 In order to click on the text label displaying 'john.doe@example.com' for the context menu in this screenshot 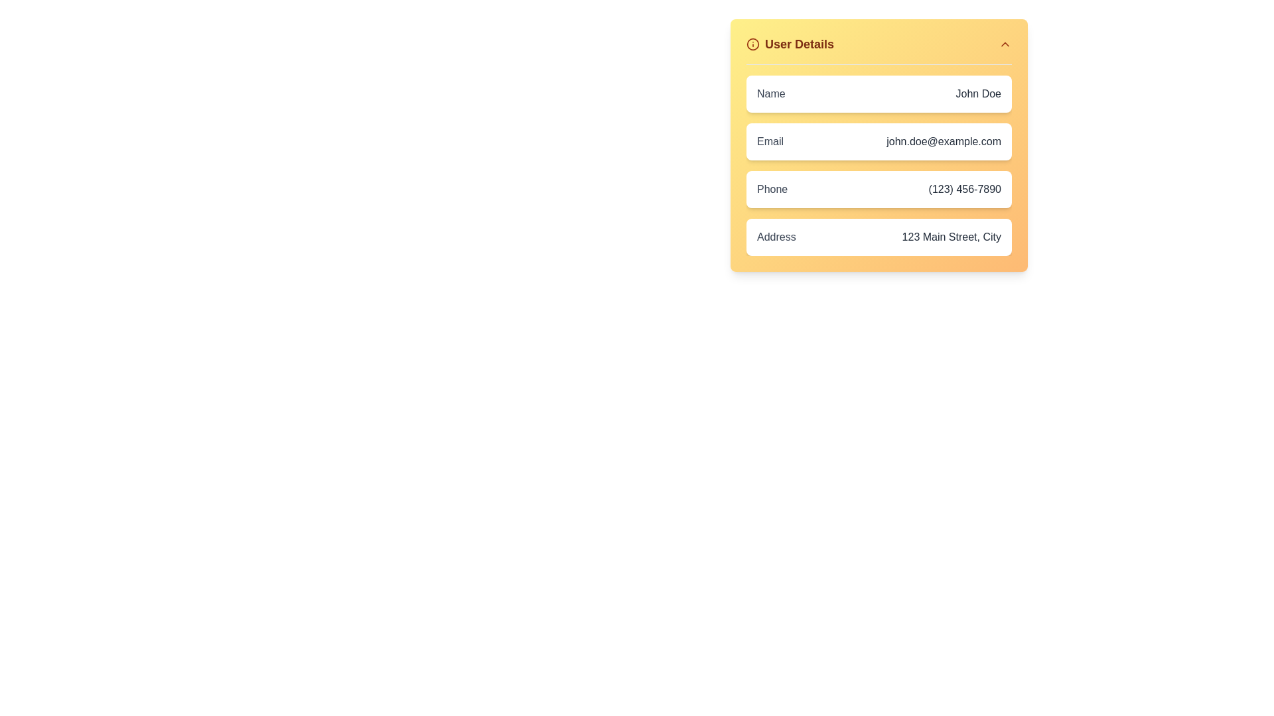, I will do `click(942, 141)`.